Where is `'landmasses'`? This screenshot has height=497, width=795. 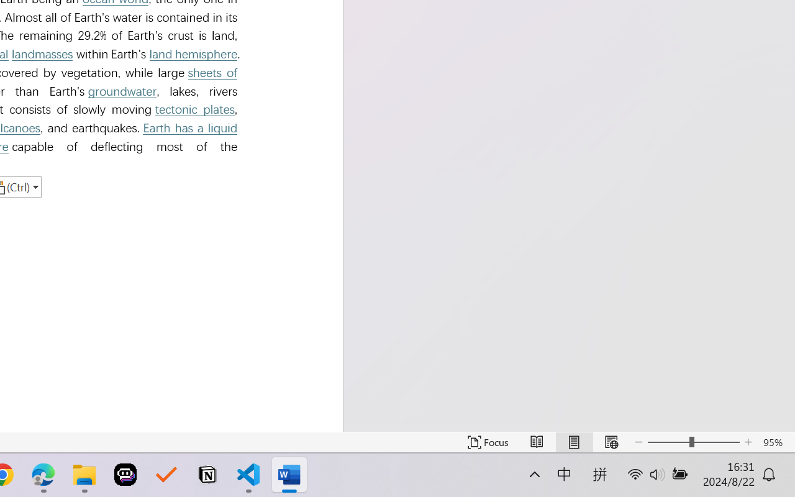 'landmasses' is located at coordinates (42, 54).